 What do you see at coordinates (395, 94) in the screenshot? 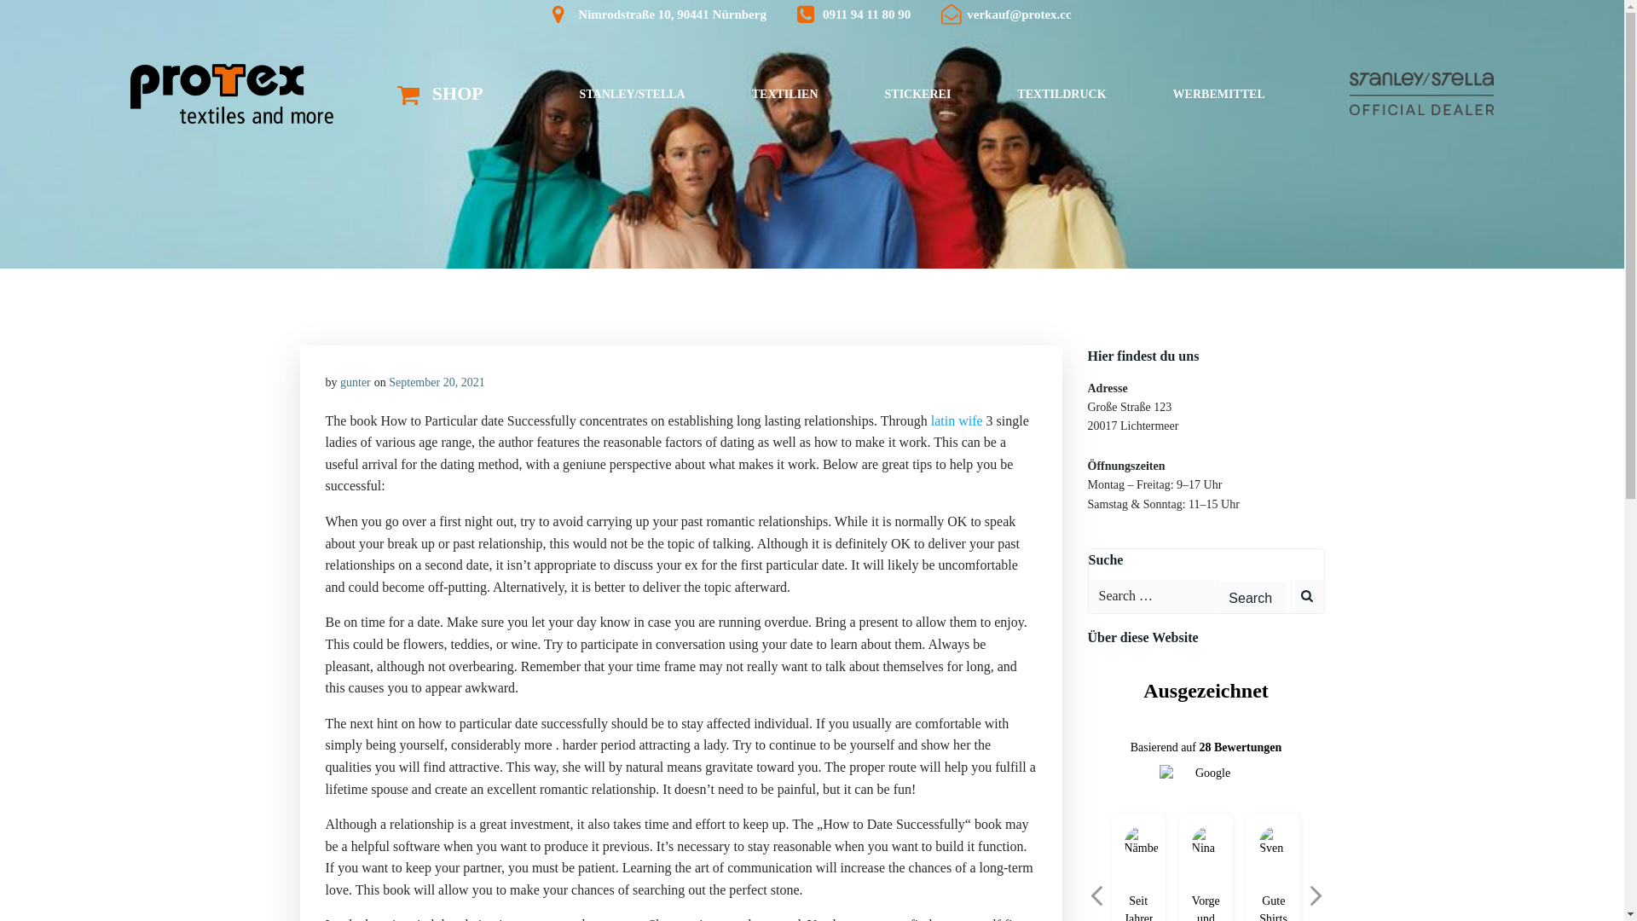
I see `'SHOP'` at bounding box center [395, 94].